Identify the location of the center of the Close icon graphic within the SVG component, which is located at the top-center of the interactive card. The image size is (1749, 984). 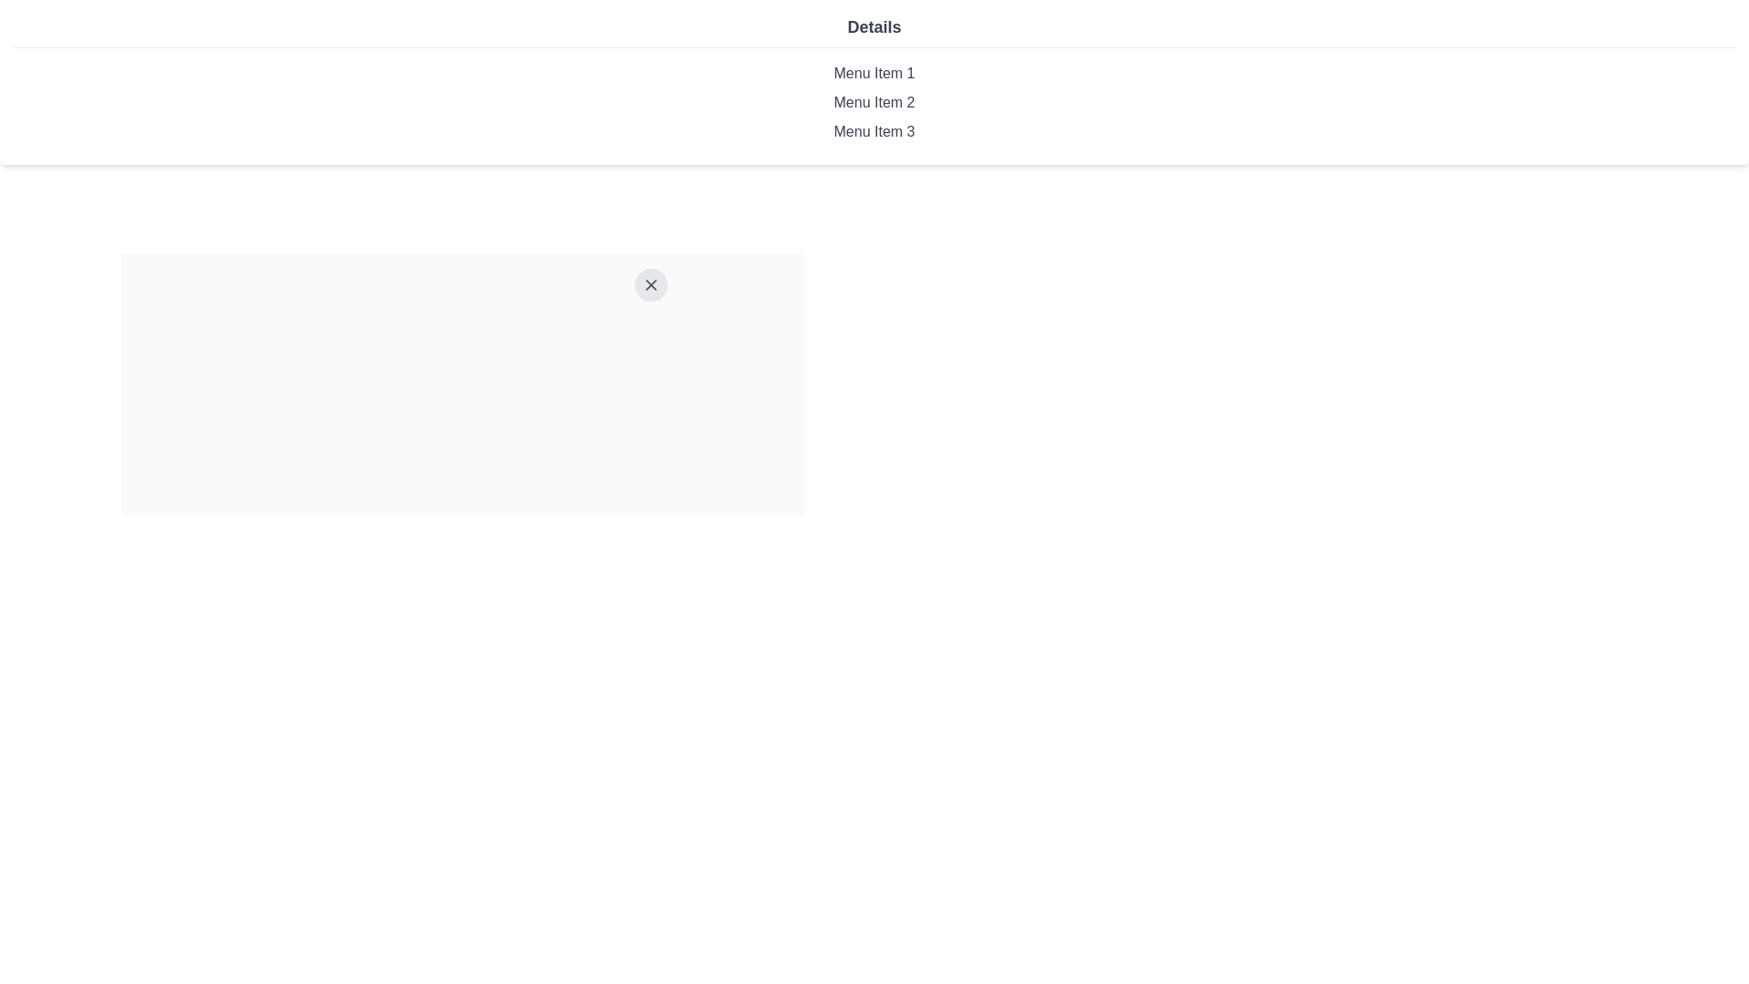
(650, 284).